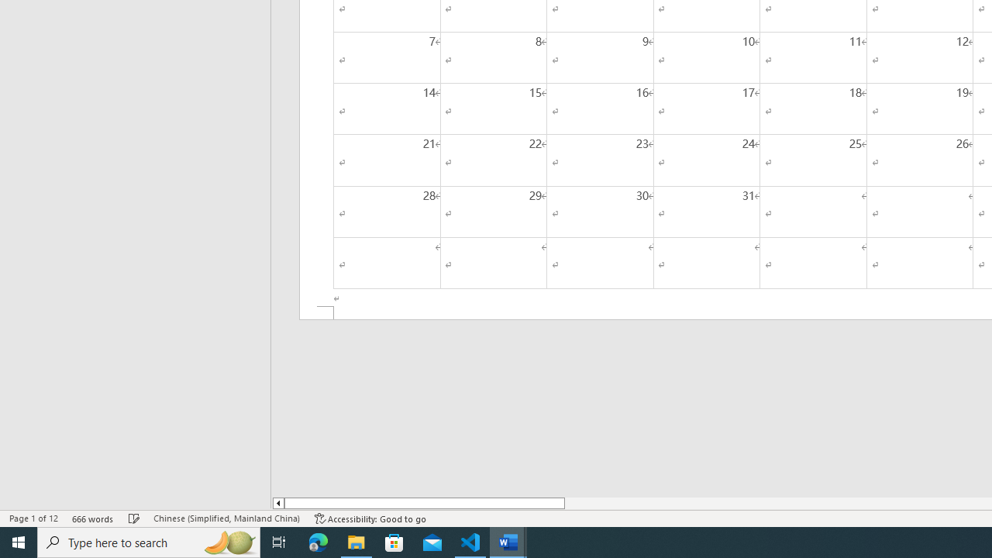  What do you see at coordinates (226, 518) in the screenshot?
I see `'Language Chinese (Simplified, Mainland China)'` at bounding box center [226, 518].